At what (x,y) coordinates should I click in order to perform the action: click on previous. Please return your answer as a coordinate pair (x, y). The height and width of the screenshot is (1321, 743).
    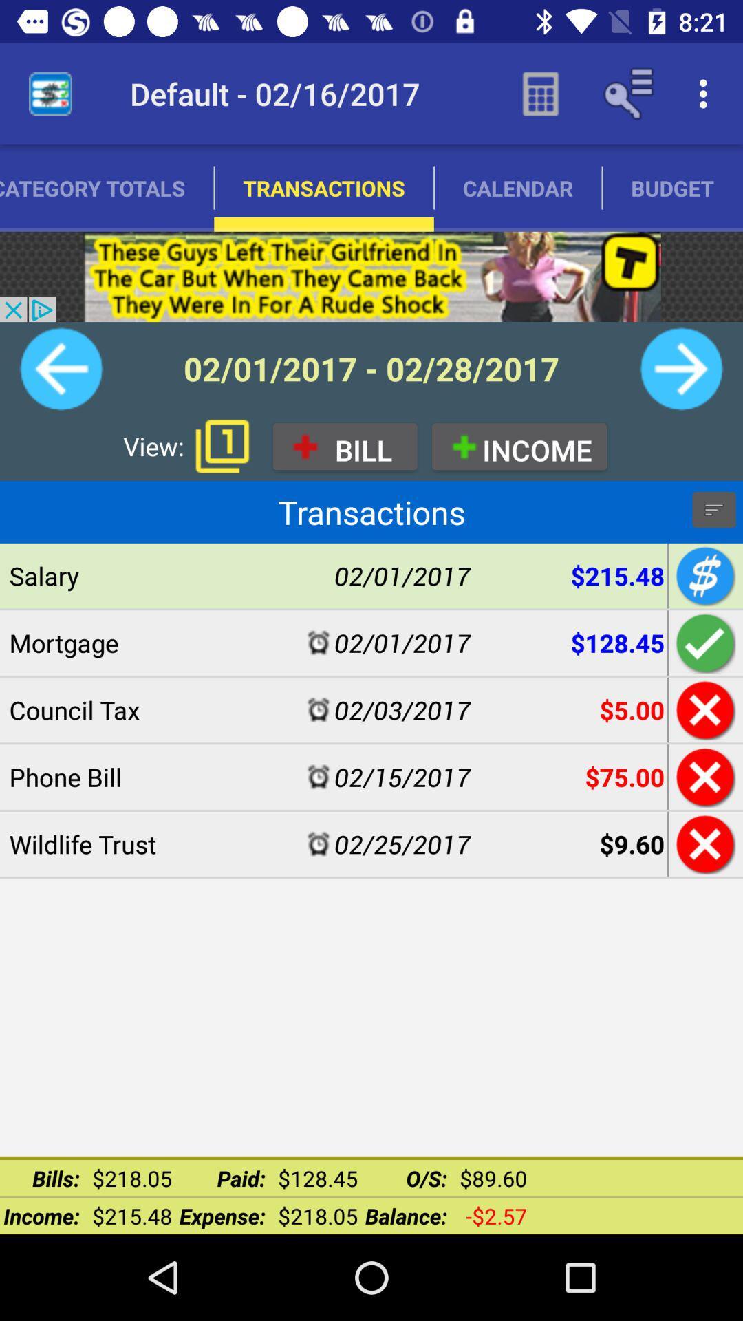
    Looking at the image, I should click on (61, 369).